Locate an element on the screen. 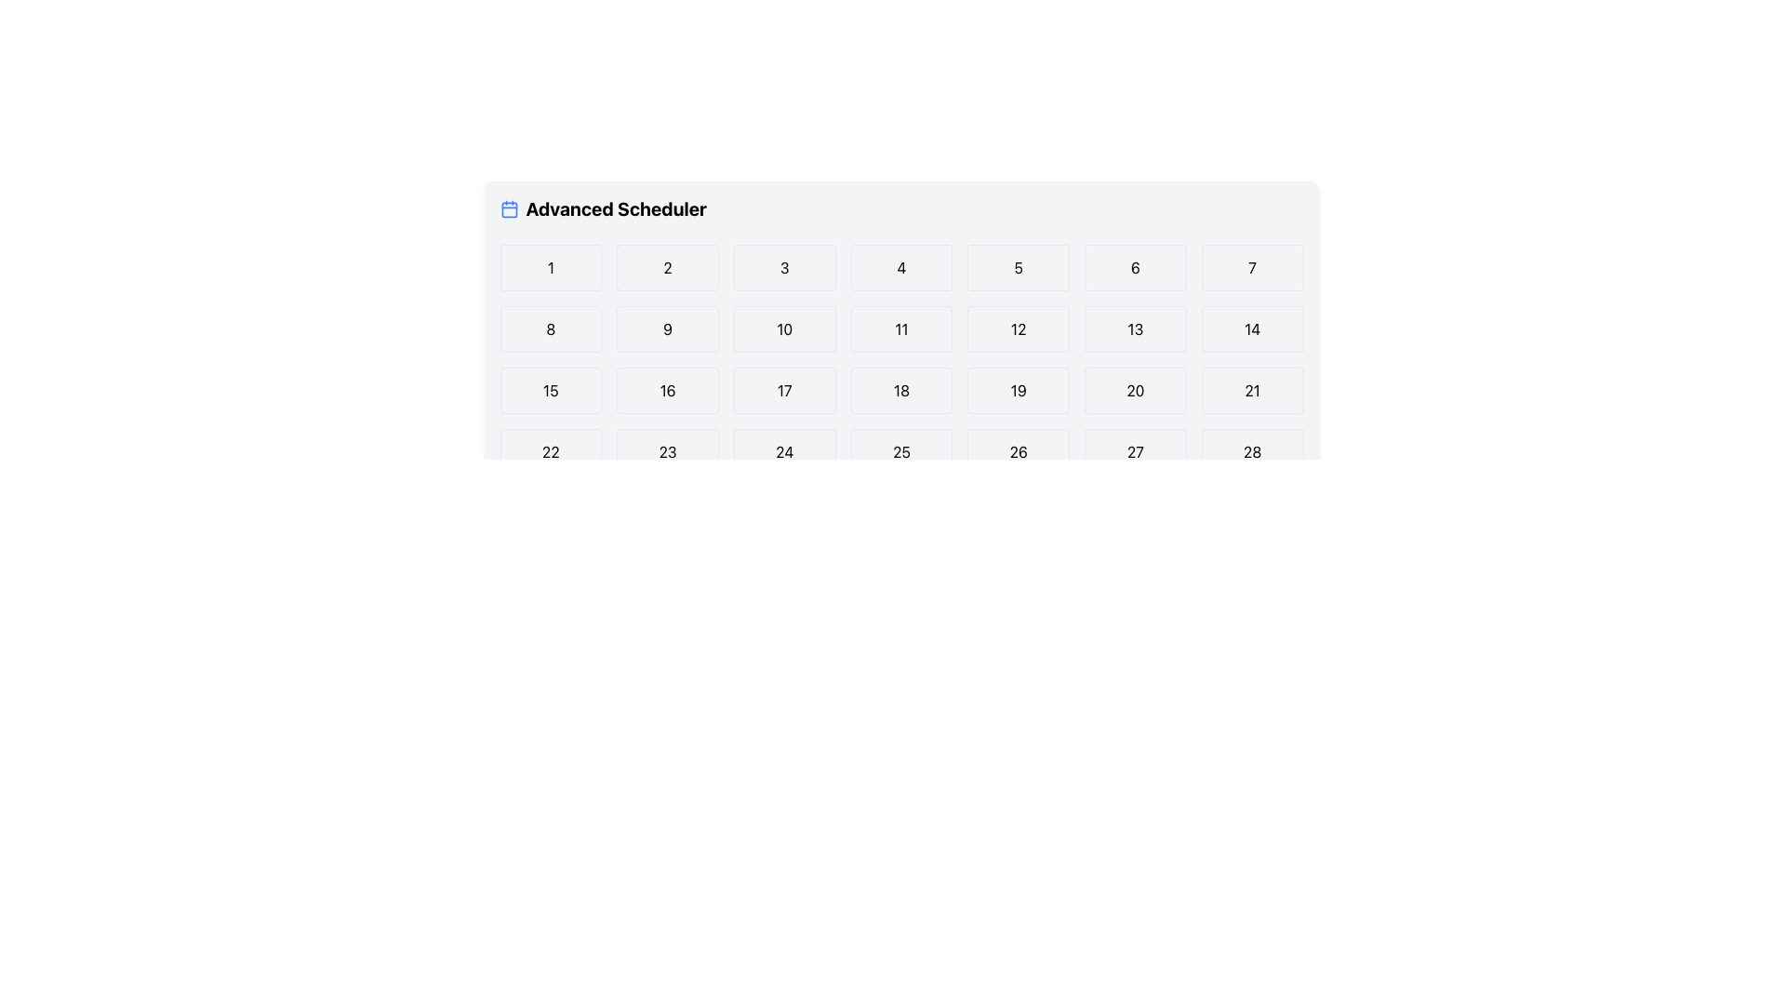 This screenshot has height=1005, width=1786. the button with the number '16' in bold black text, located is located at coordinates (668, 390).